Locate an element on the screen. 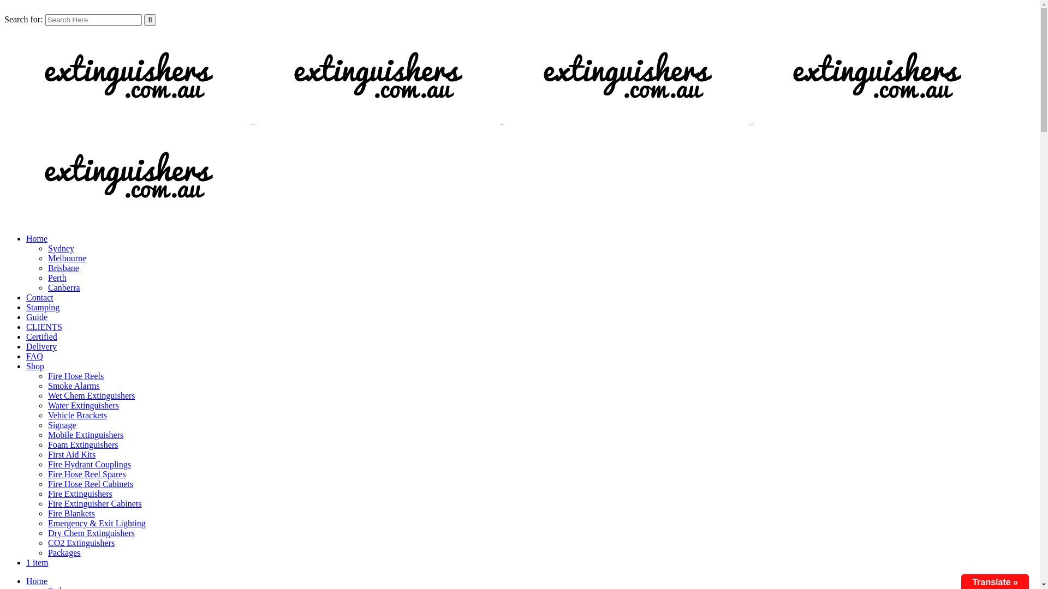 Image resolution: width=1048 pixels, height=589 pixels. 'CO2 Extinguishers' is located at coordinates (80, 543).